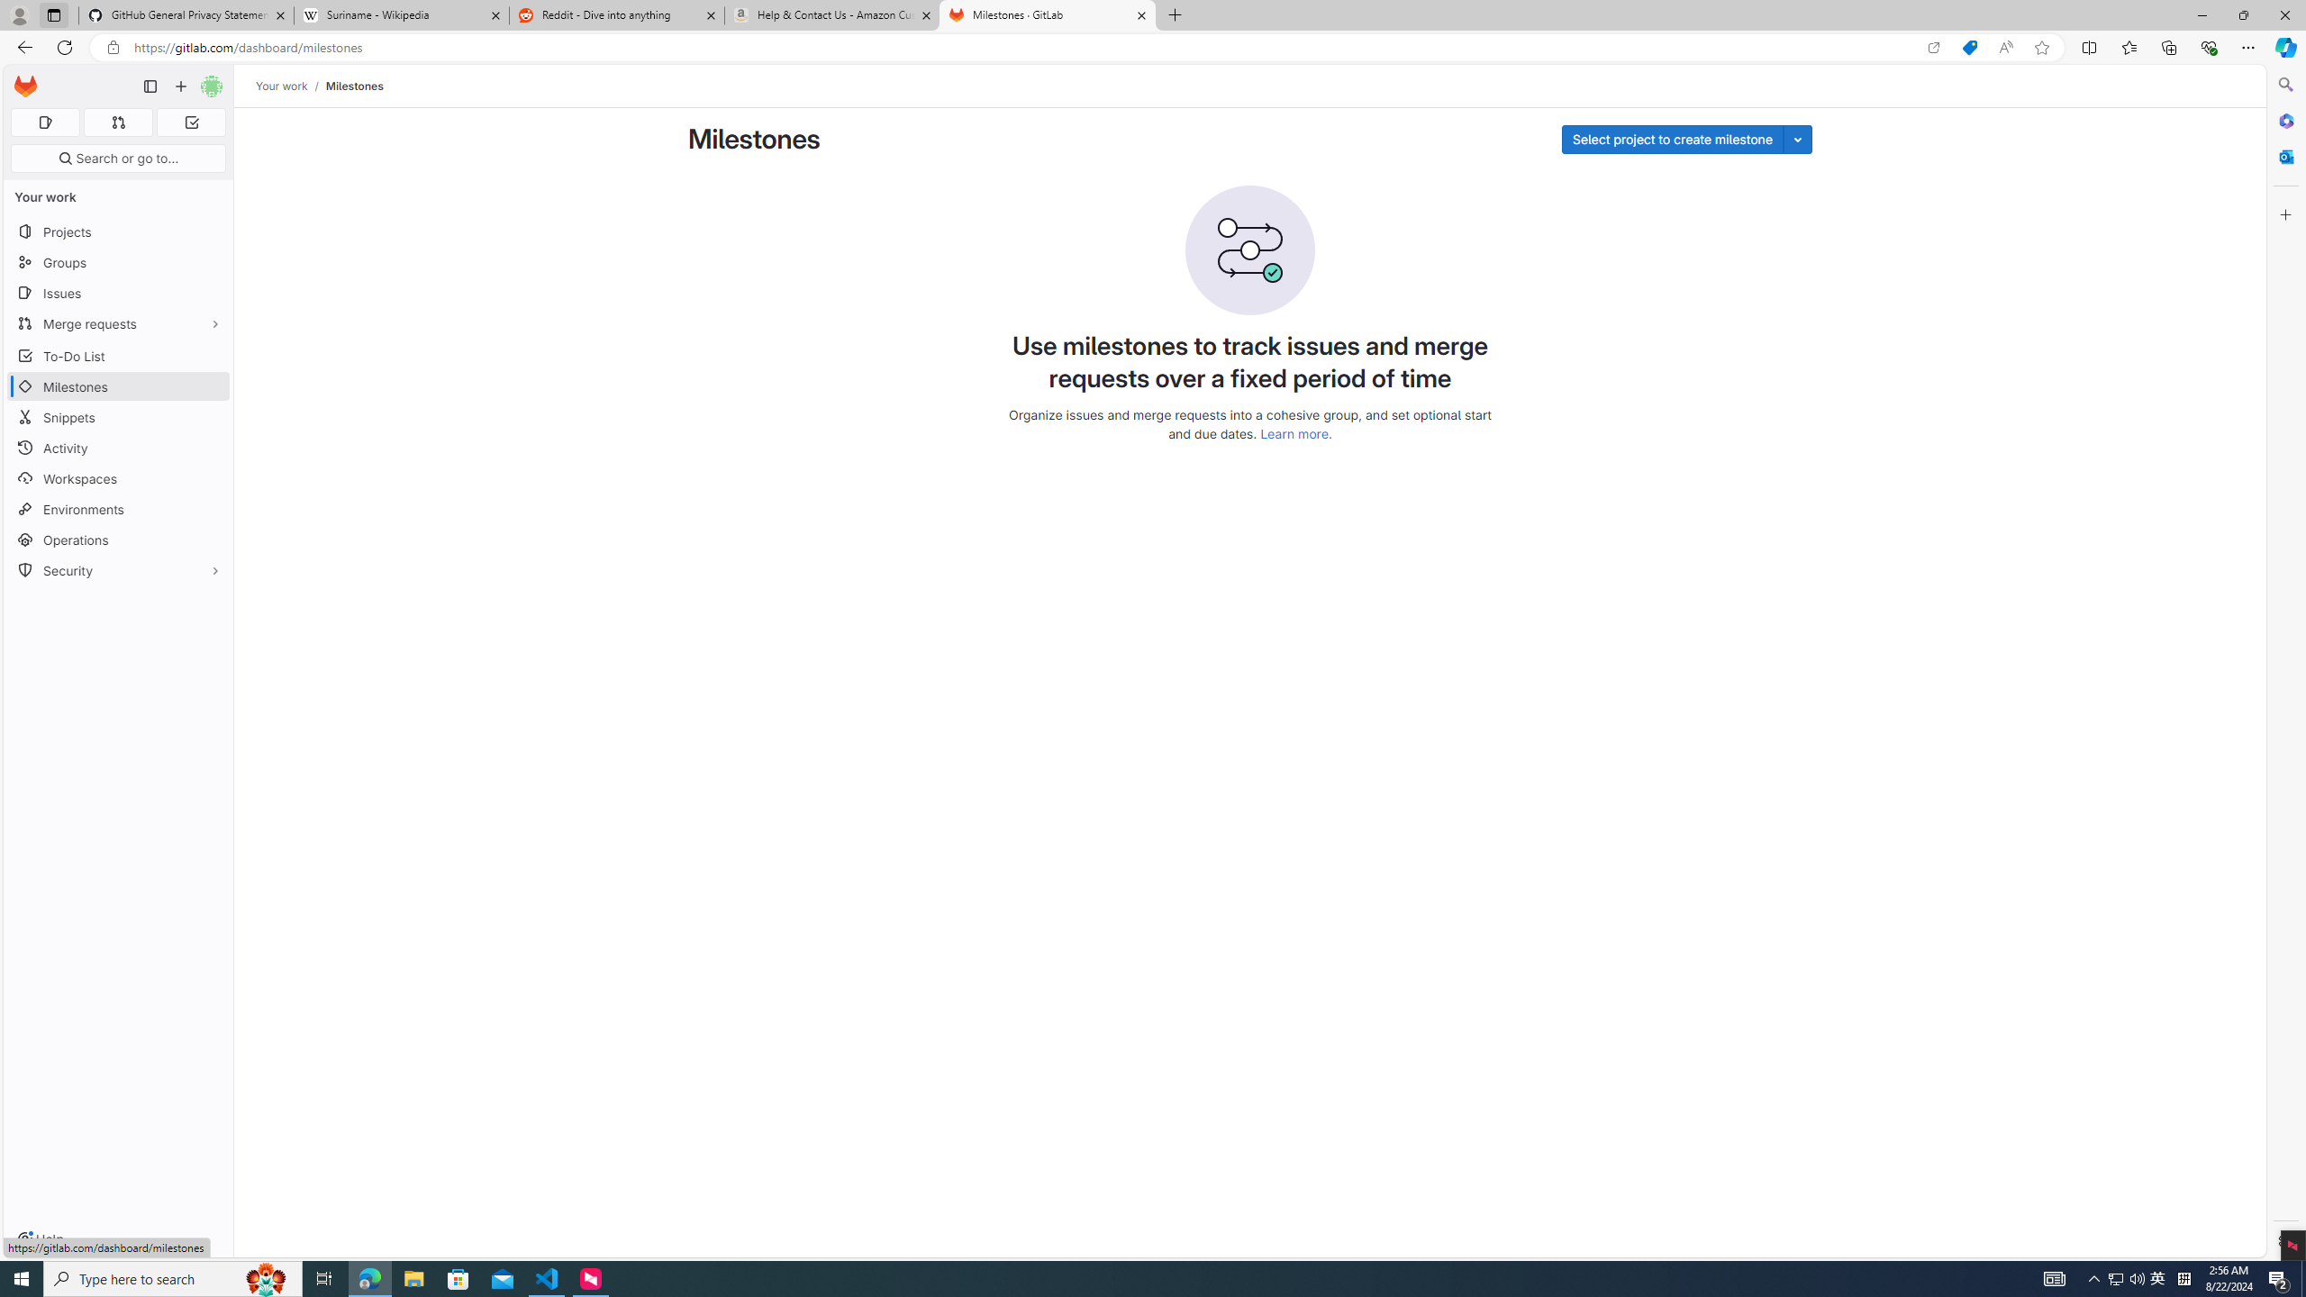  I want to click on 'Snippets', so click(117, 416).